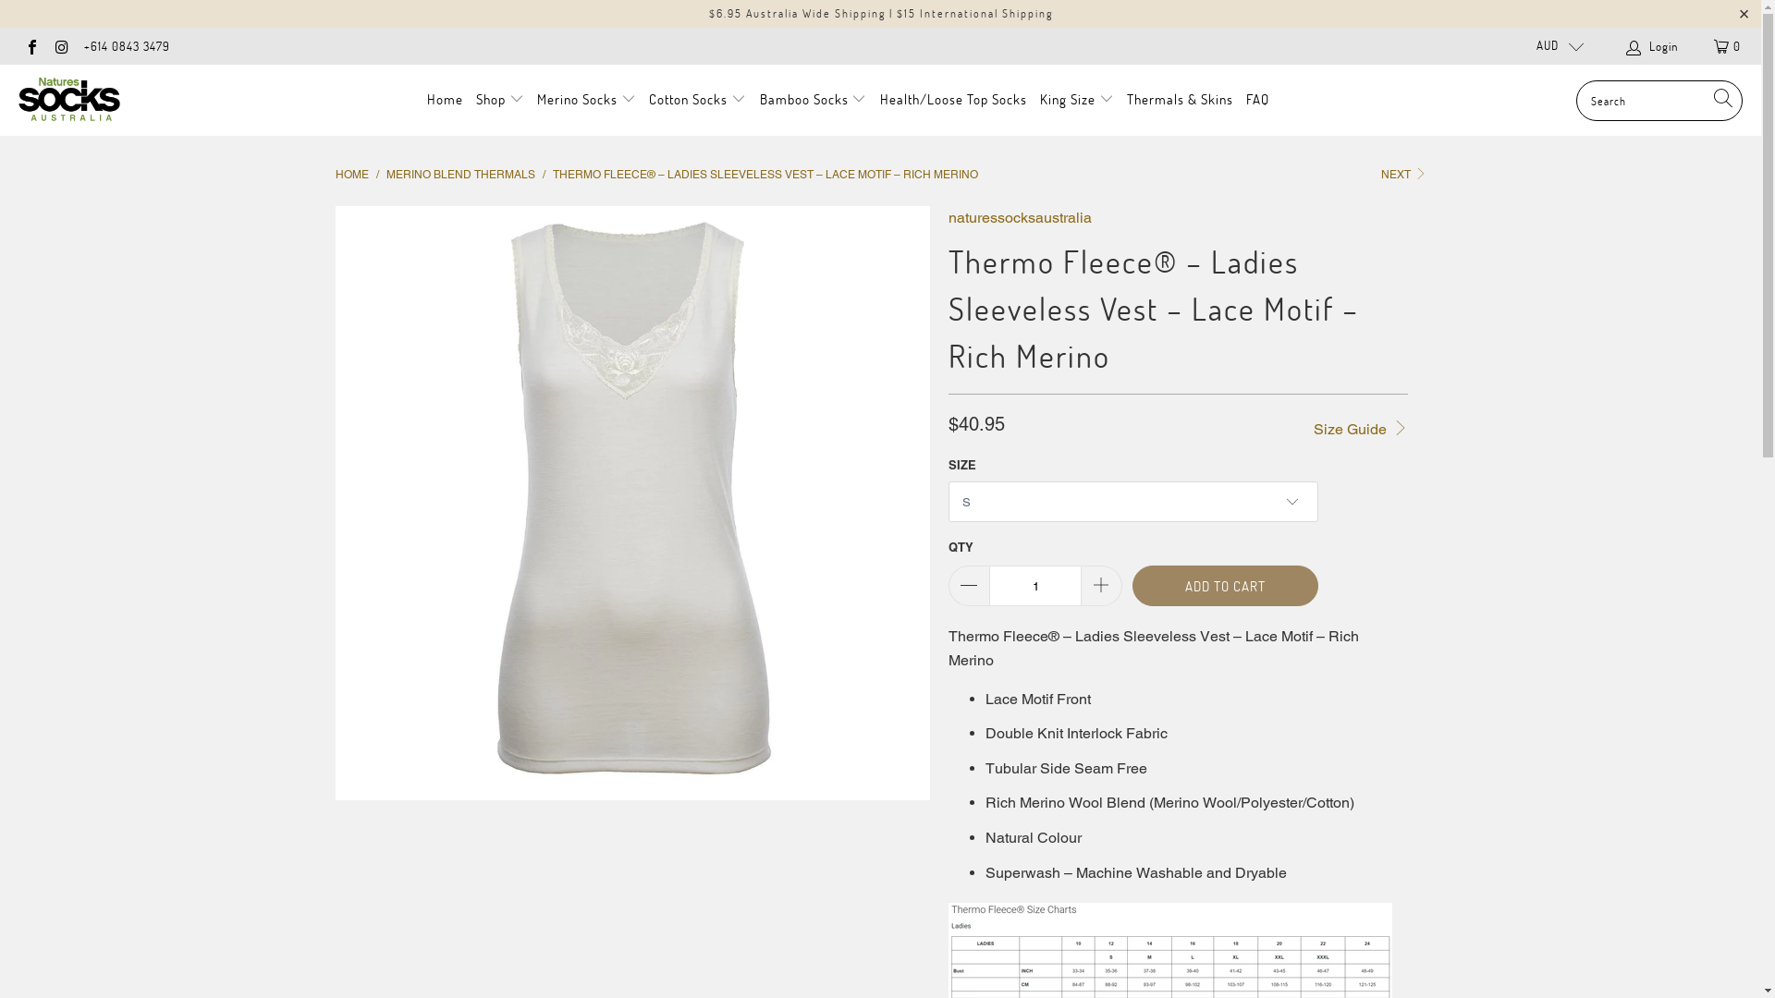 The image size is (1775, 998). Describe the element at coordinates (385, 175) in the screenshot. I see `'MERINO BLEND THERMALS'` at that location.